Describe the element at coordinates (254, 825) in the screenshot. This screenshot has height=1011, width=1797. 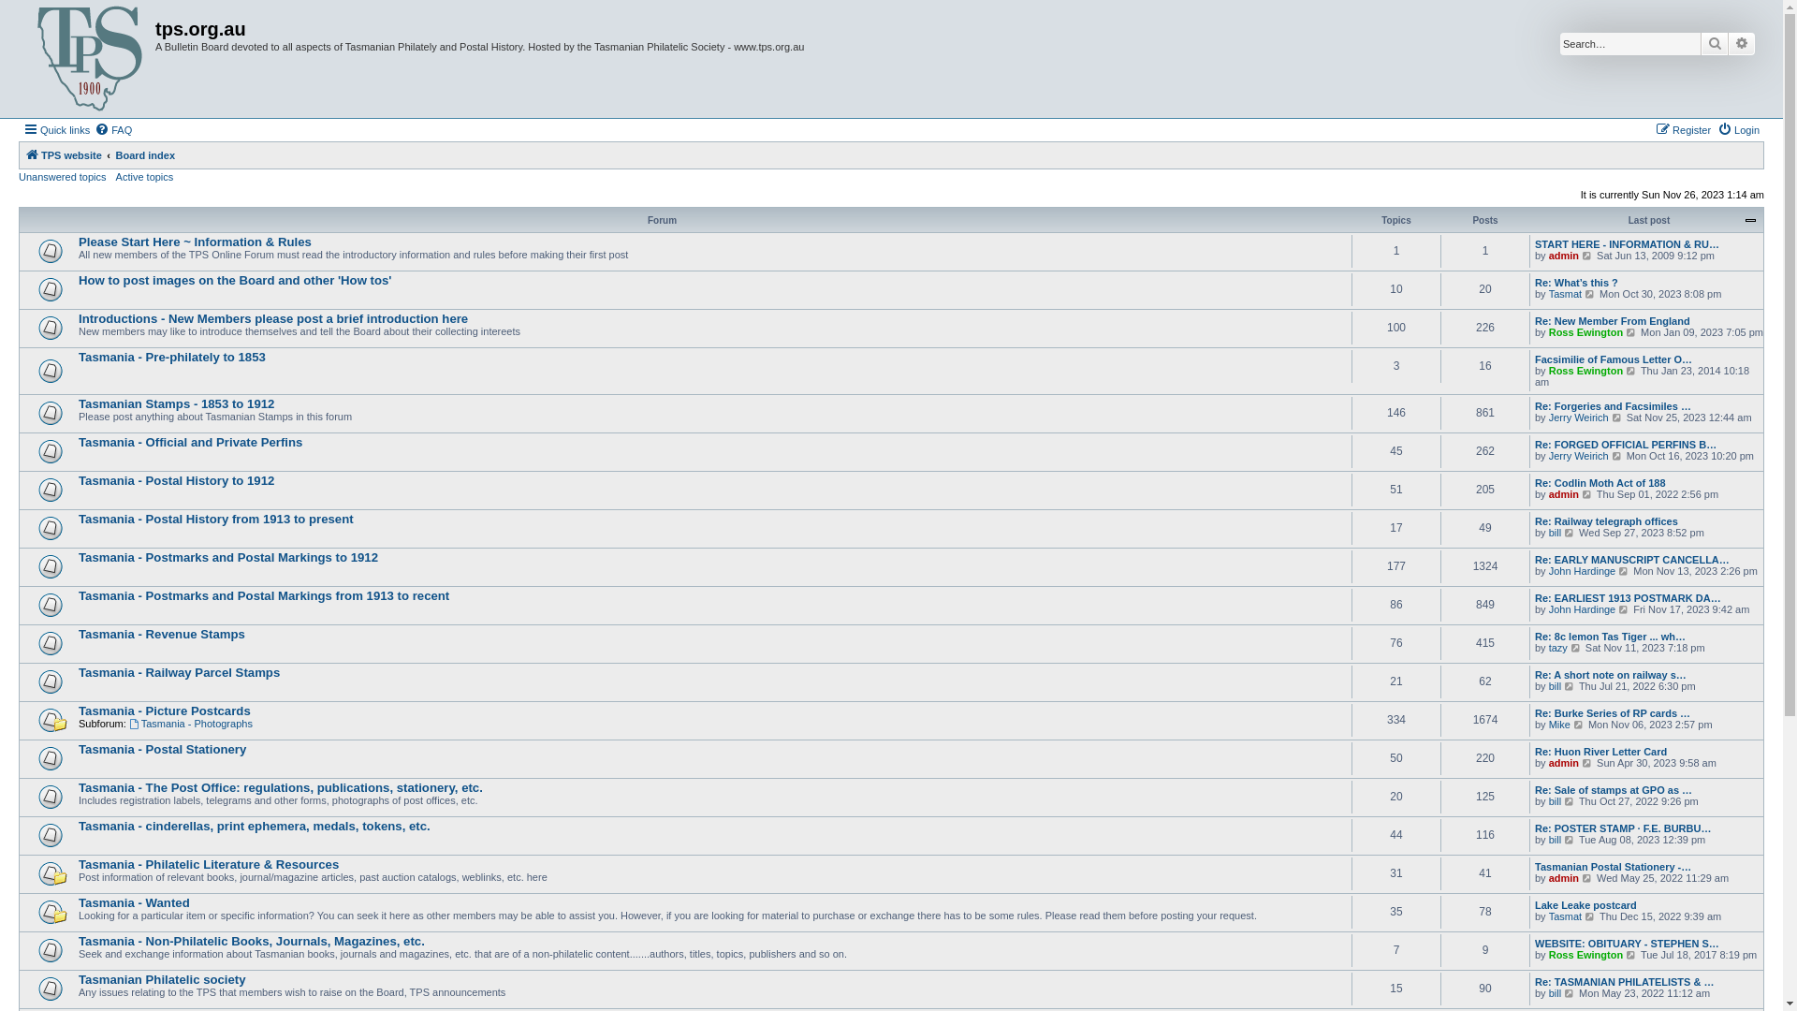
I see `'Tasmania - cinderellas, print ephemera, medals, tokens, etc.'` at that location.